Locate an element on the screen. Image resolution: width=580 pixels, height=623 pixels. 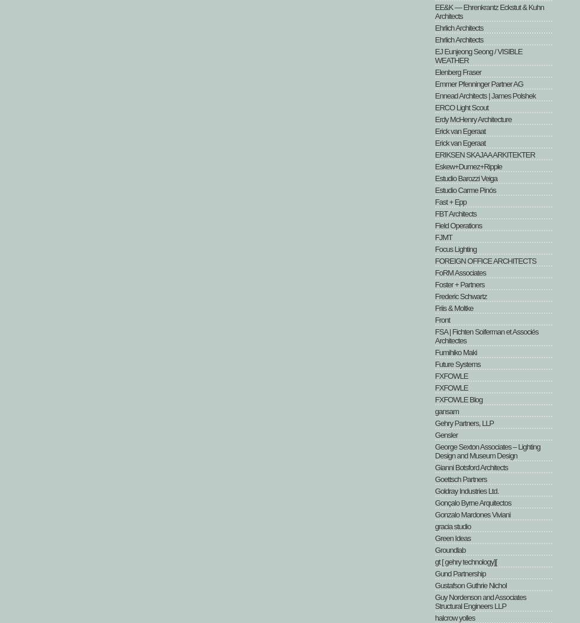
'Green Ideas' is located at coordinates (452, 537).